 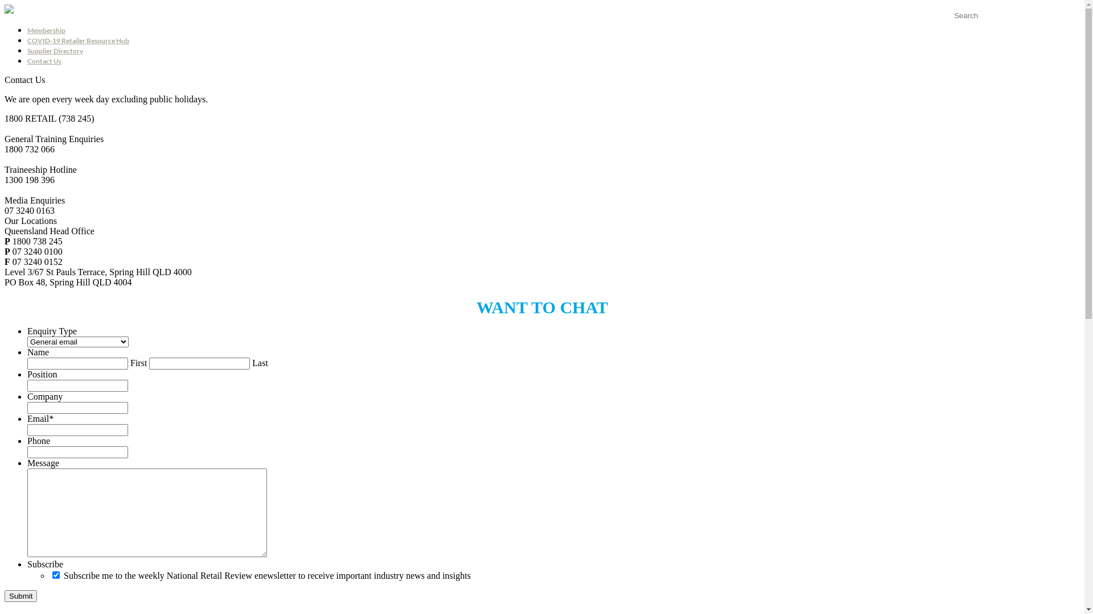 I want to click on 'Contact Us', so click(x=44, y=61).